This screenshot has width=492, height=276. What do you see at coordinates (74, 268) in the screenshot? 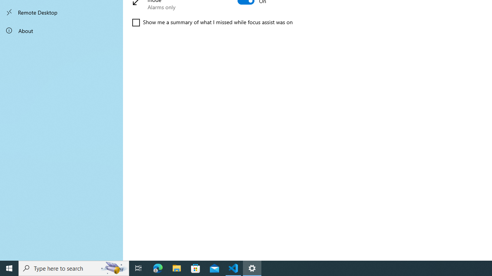
I see `'Type here to search'` at bounding box center [74, 268].